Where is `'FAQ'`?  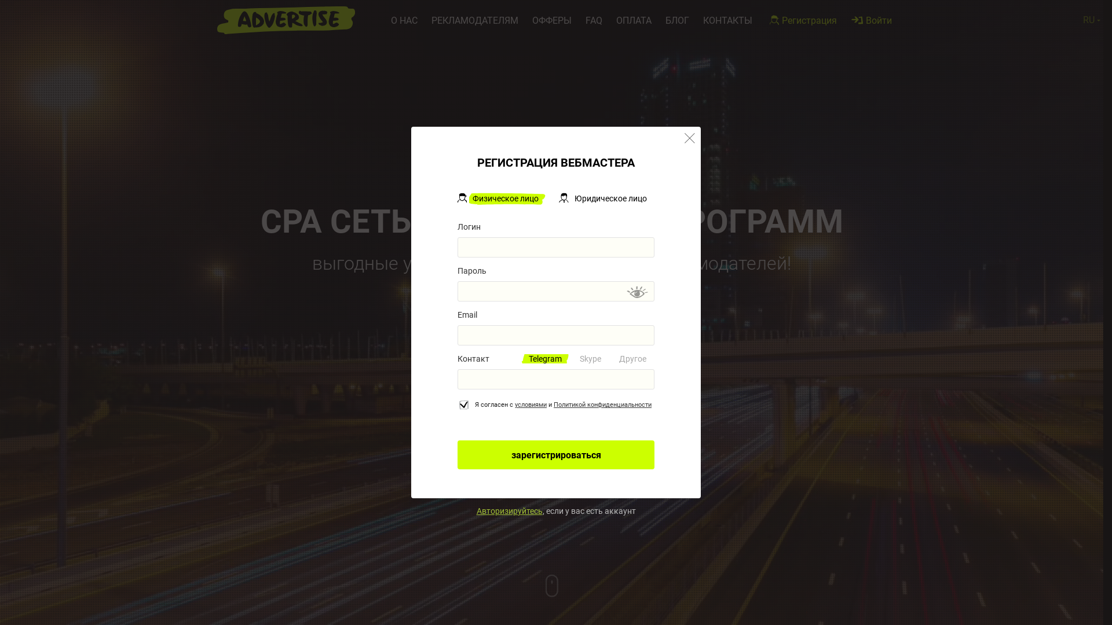
'FAQ' is located at coordinates (594, 20).